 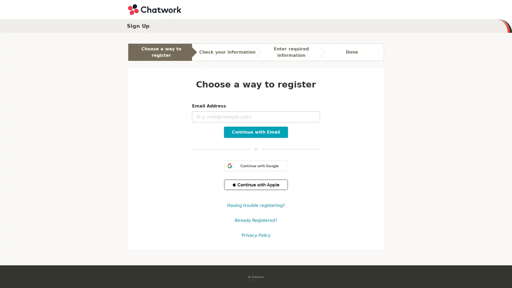 I want to click on Continue with Email, so click(x=256, y=132).